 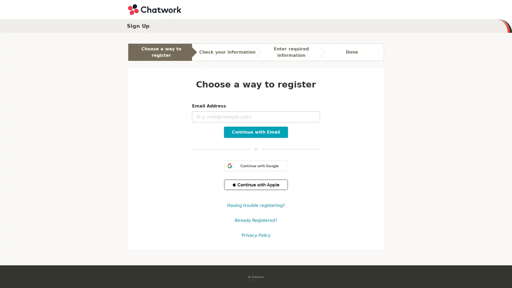 I want to click on Continue with Email, so click(x=256, y=132).